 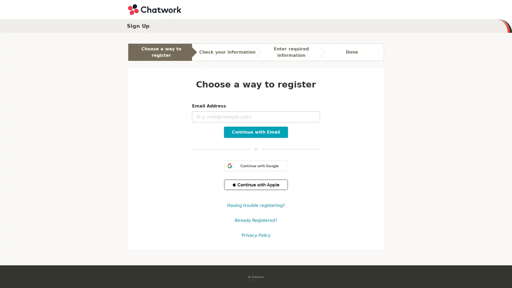 I want to click on Continue with Email, so click(x=256, y=132).